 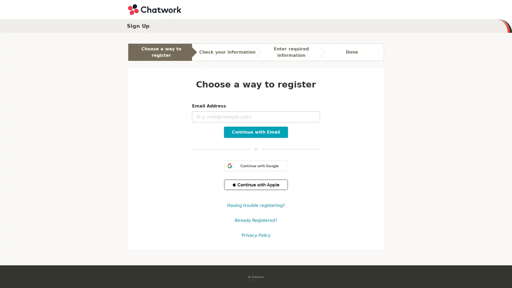 I want to click on Continue with Email, so click(x=256, y=132).